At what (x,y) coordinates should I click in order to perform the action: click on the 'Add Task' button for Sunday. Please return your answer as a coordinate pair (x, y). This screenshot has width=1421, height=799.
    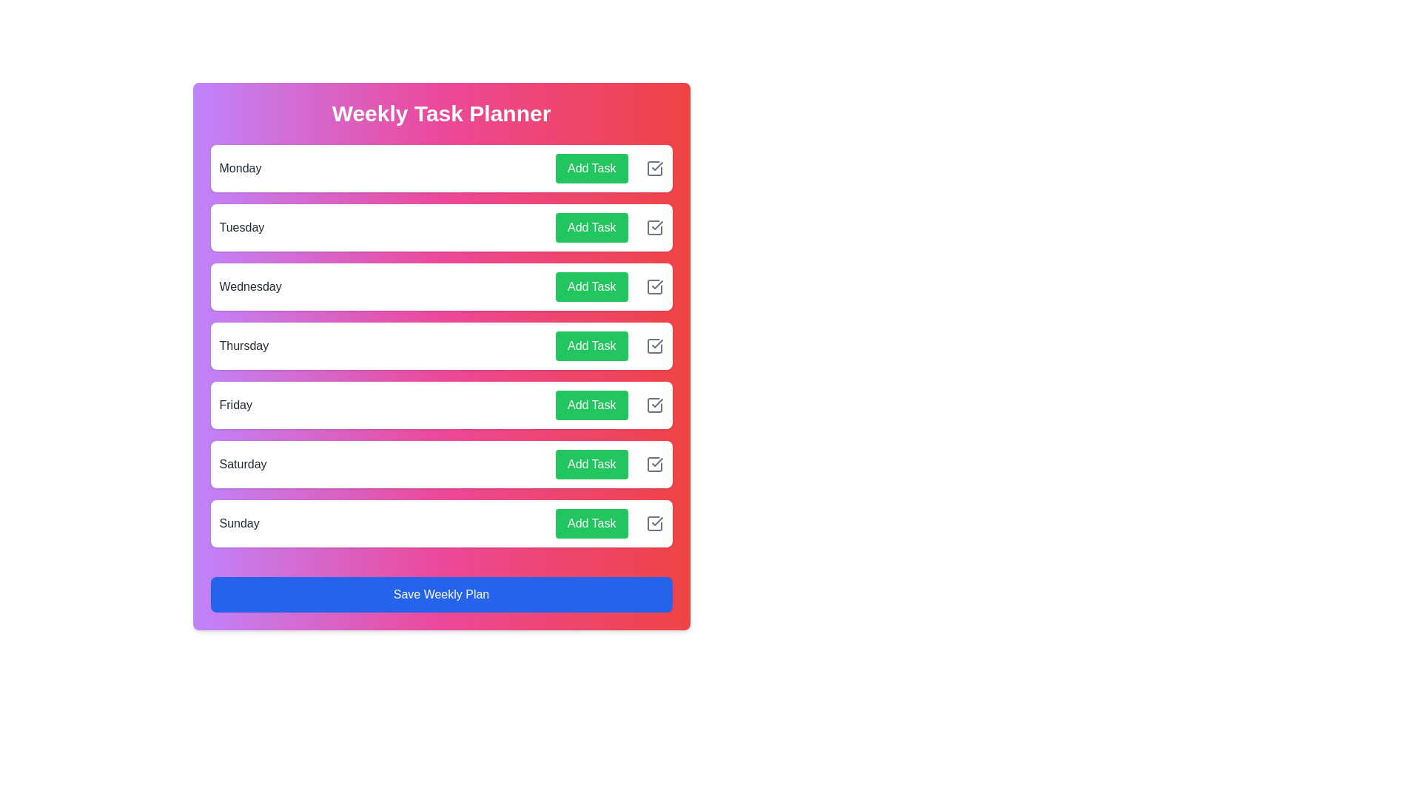
    Looking at the image, I should click on (591, 523).